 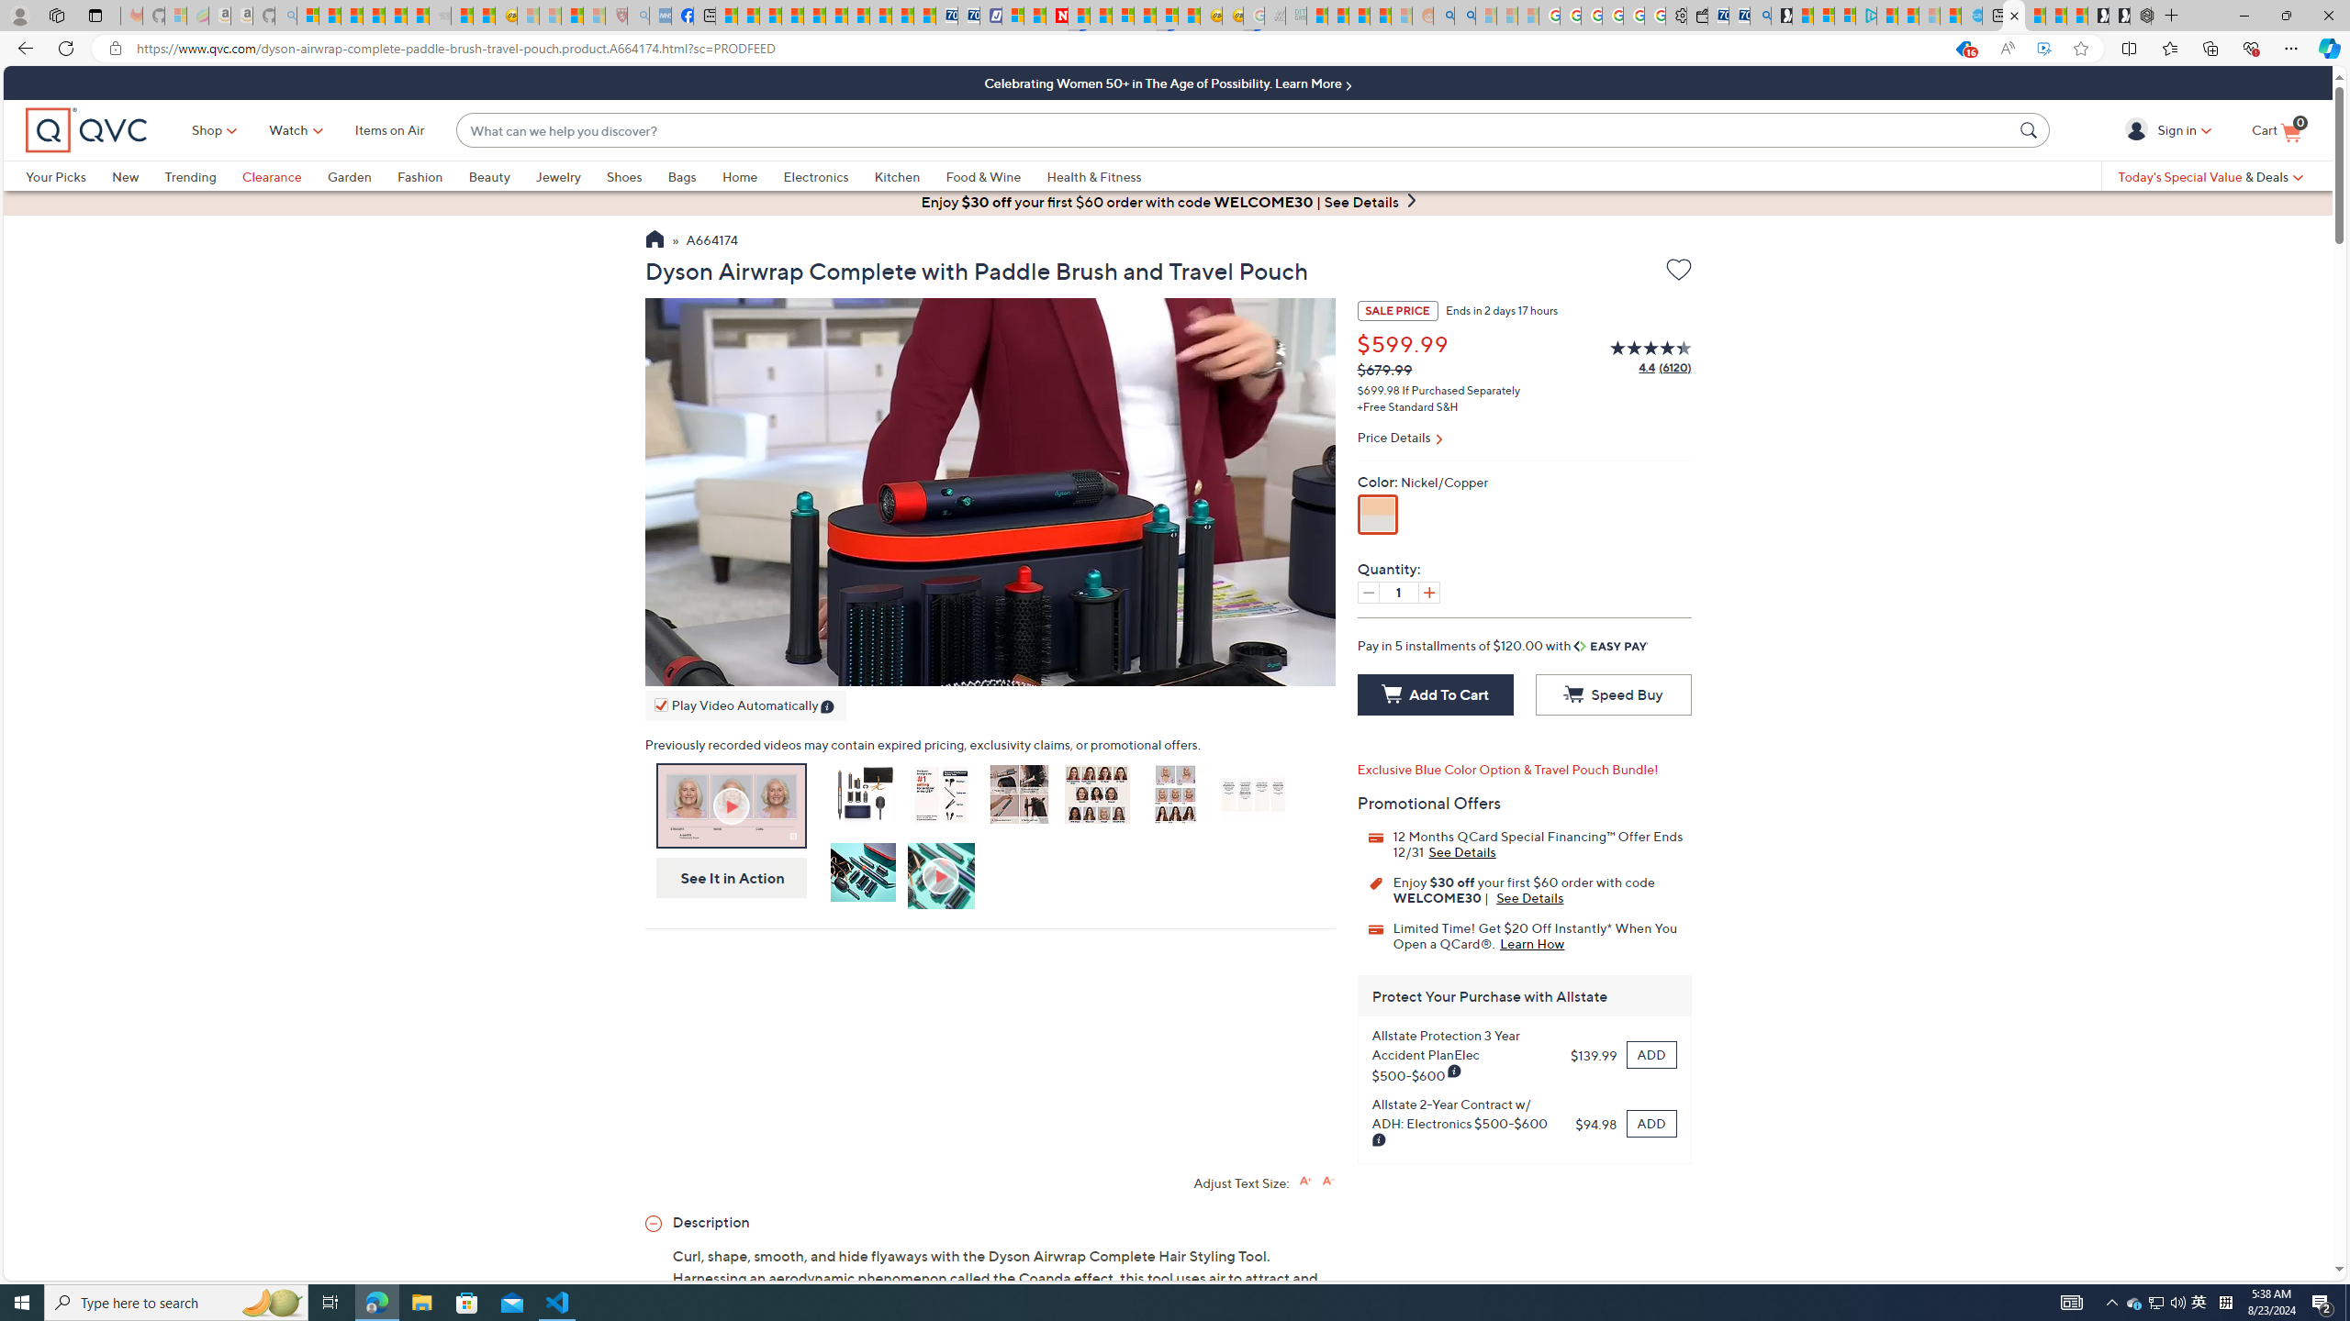 I want to click on 'Decrease quantity by 1', so click(x=1366, y=591).